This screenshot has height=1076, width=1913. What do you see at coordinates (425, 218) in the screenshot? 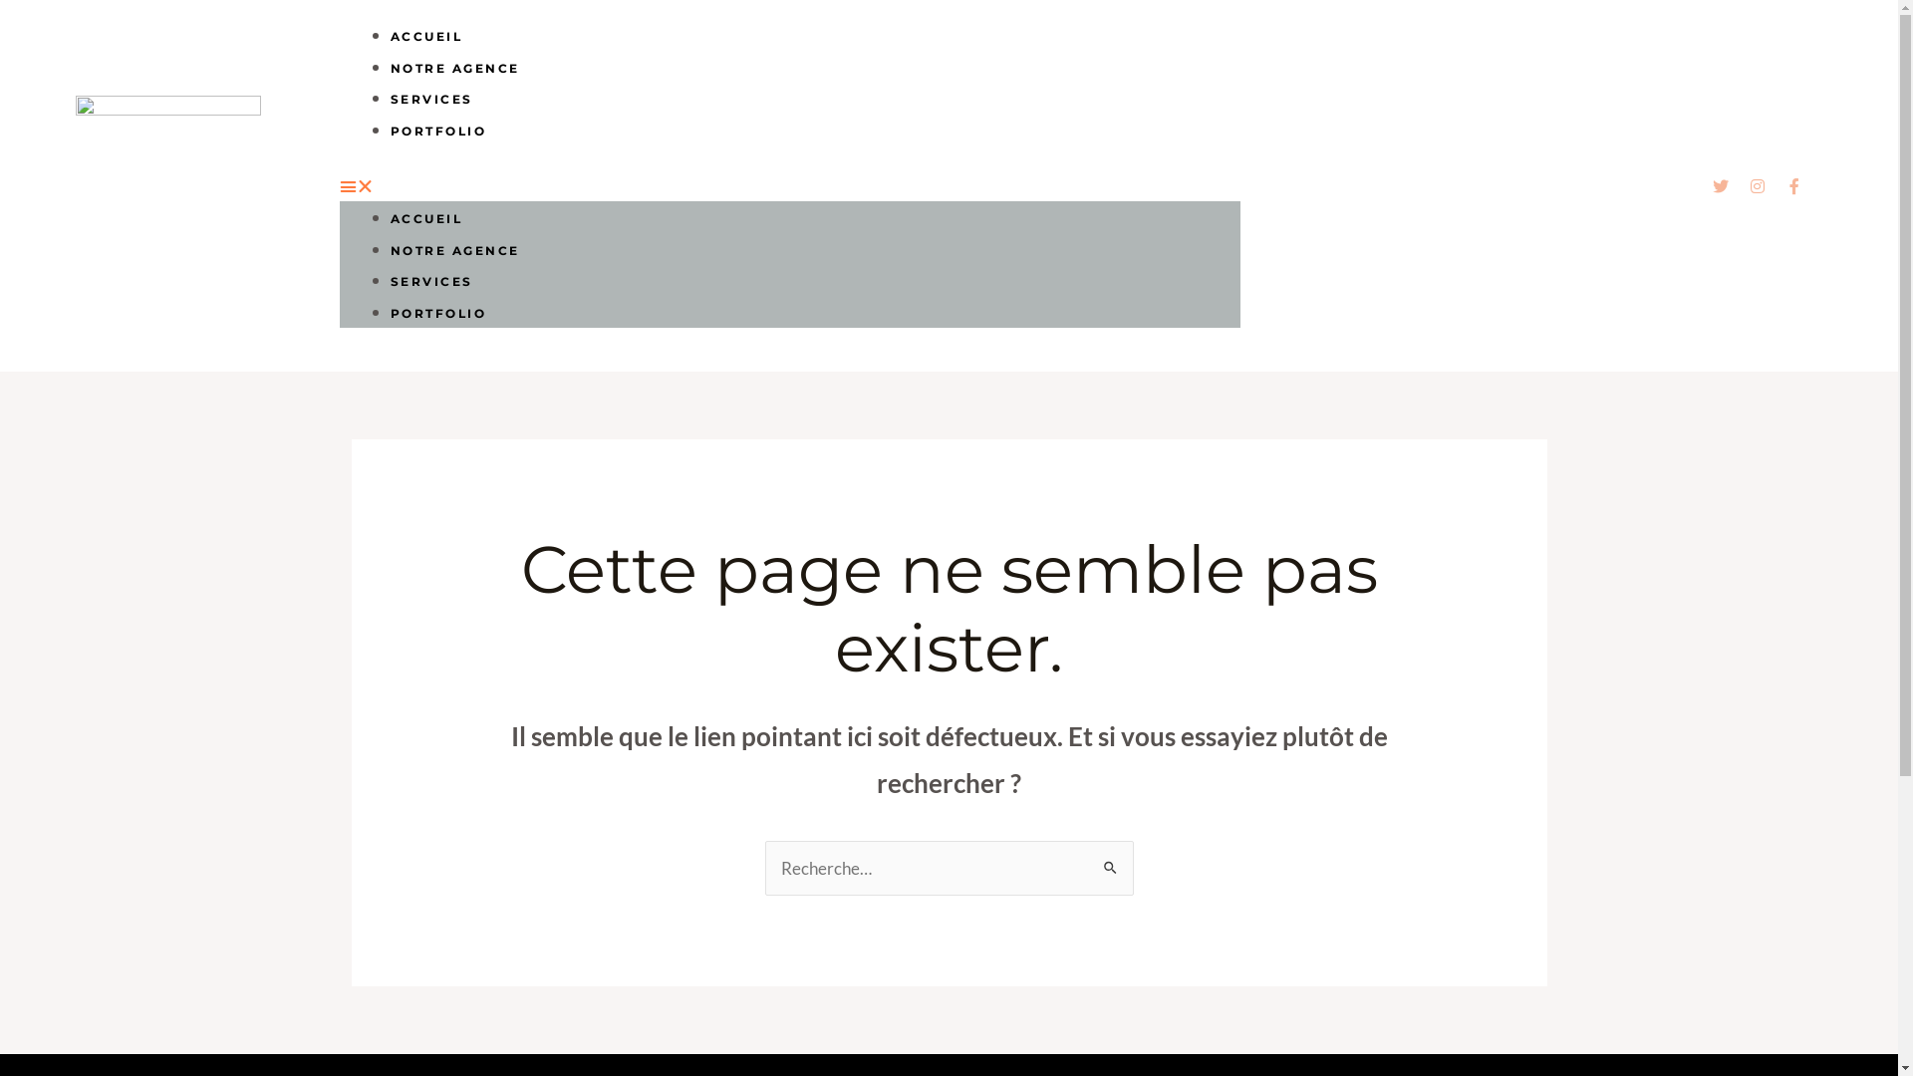
I see `'ACCUEIL'` at bounding box center [425, 218].